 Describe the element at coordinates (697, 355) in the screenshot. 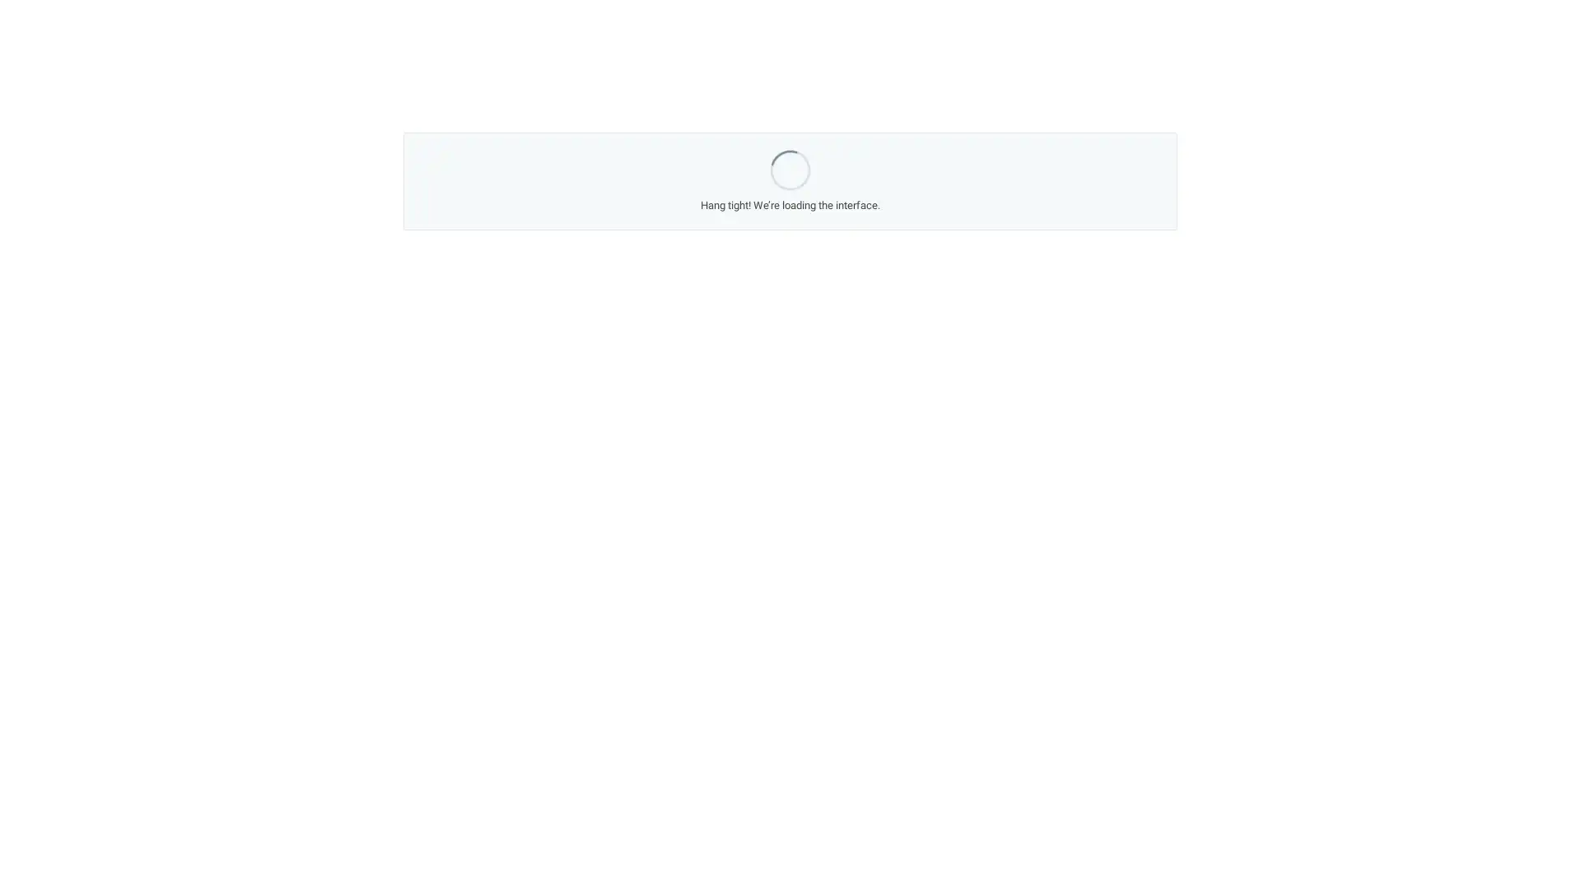

I see `Why don't I need a password?` at that location.